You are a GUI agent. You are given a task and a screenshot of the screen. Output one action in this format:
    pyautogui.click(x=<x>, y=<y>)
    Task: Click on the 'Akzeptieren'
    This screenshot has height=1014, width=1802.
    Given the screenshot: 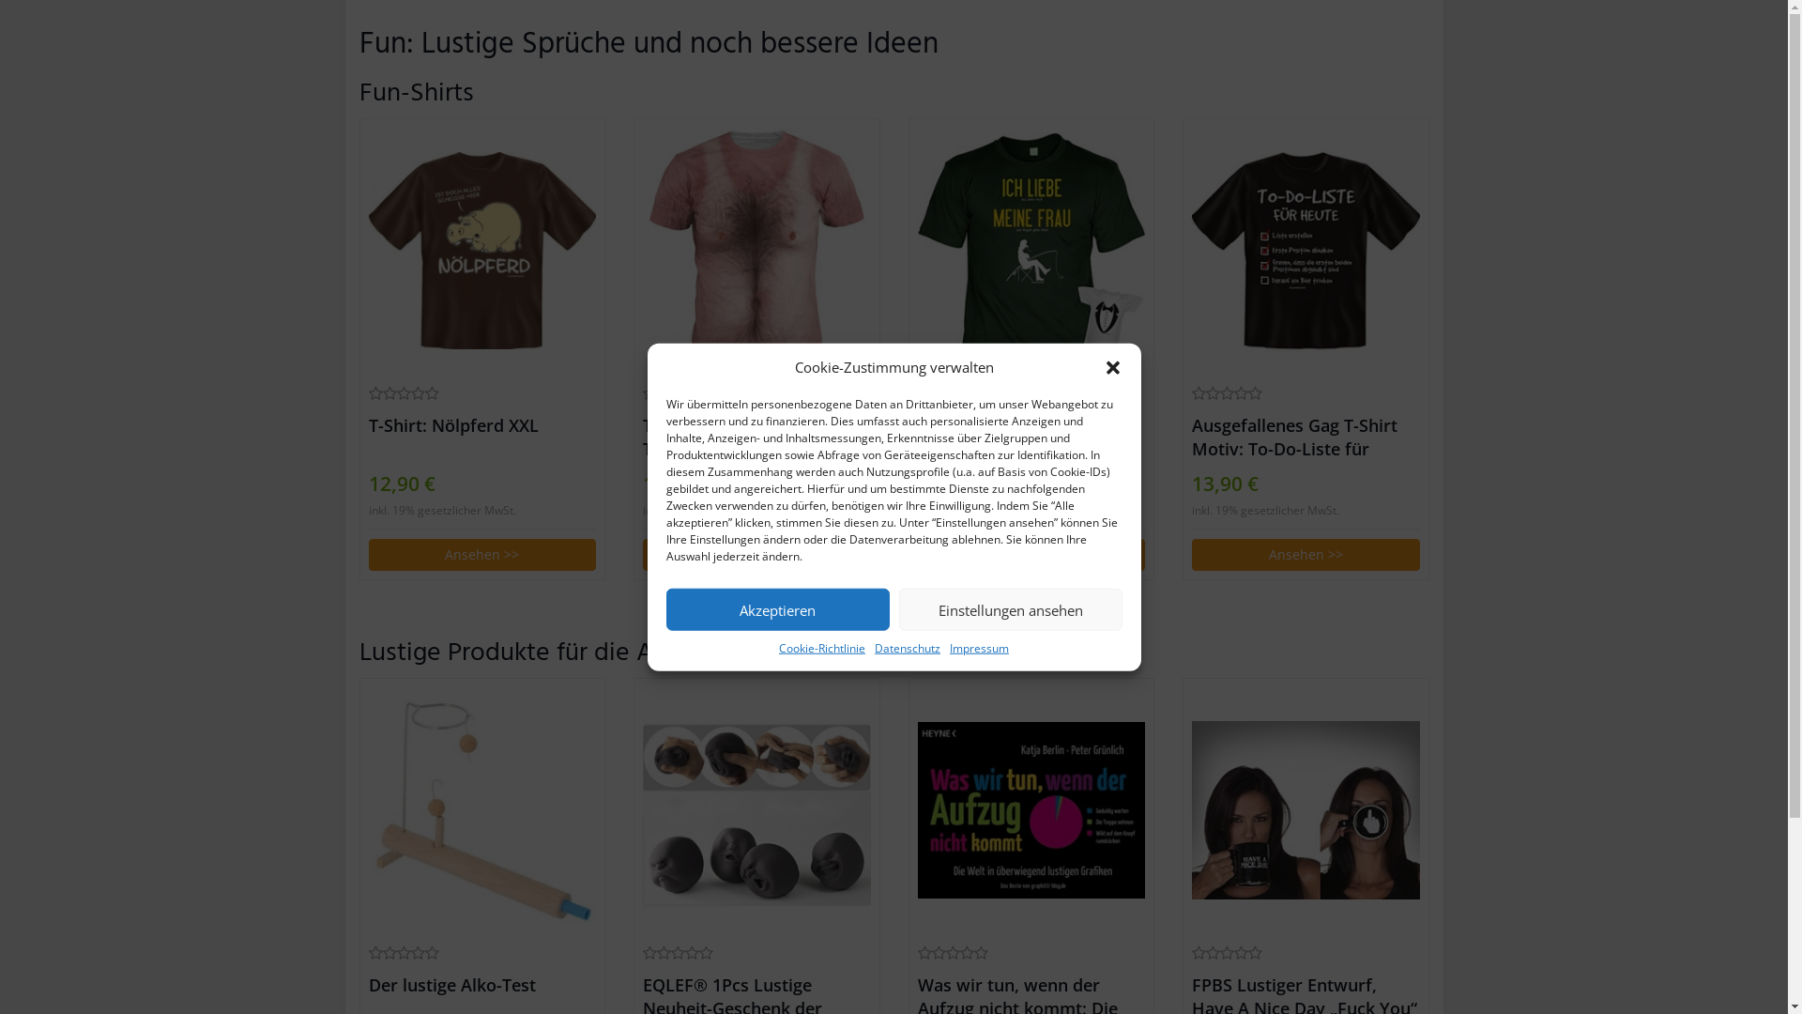 What is the action you would take?
    pyautogui.click(x=778, y=609)
    